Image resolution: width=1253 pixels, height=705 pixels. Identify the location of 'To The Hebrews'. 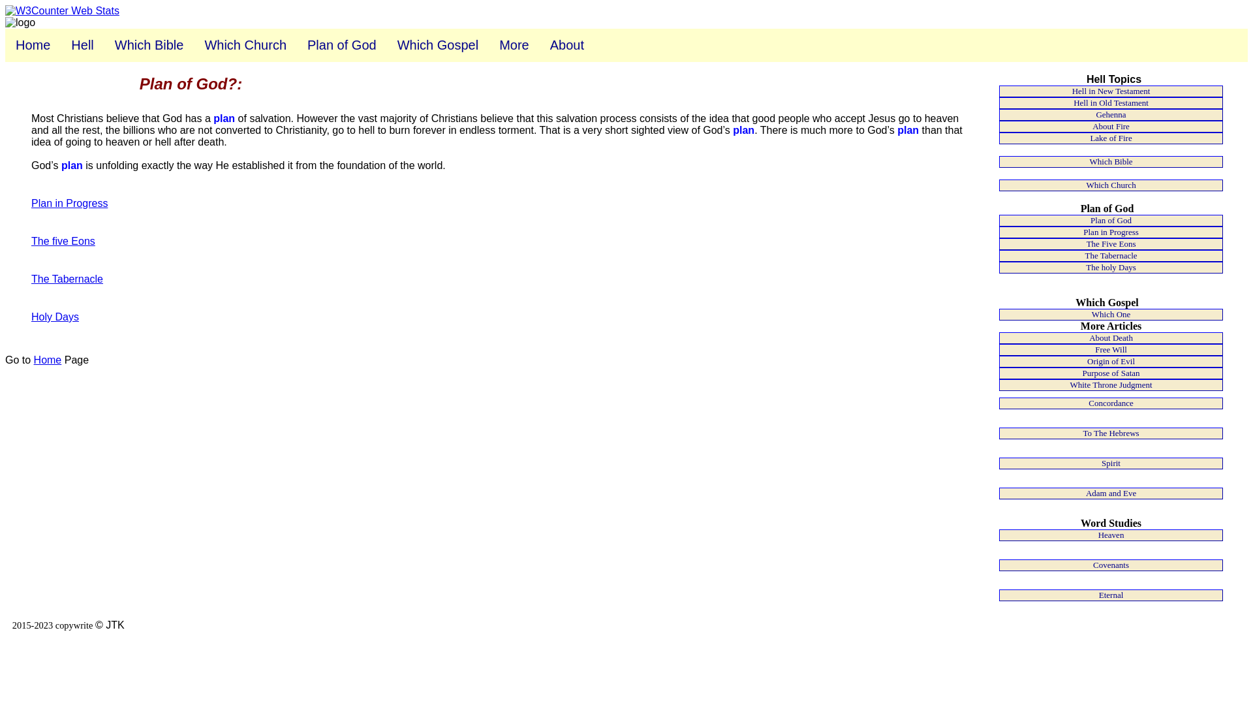
(1110, 433).